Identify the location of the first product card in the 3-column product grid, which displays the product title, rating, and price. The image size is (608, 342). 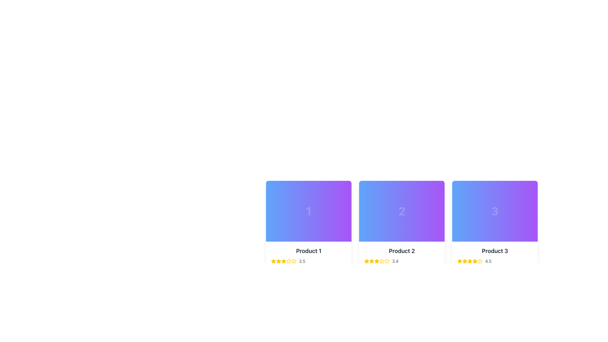
(308, 231).